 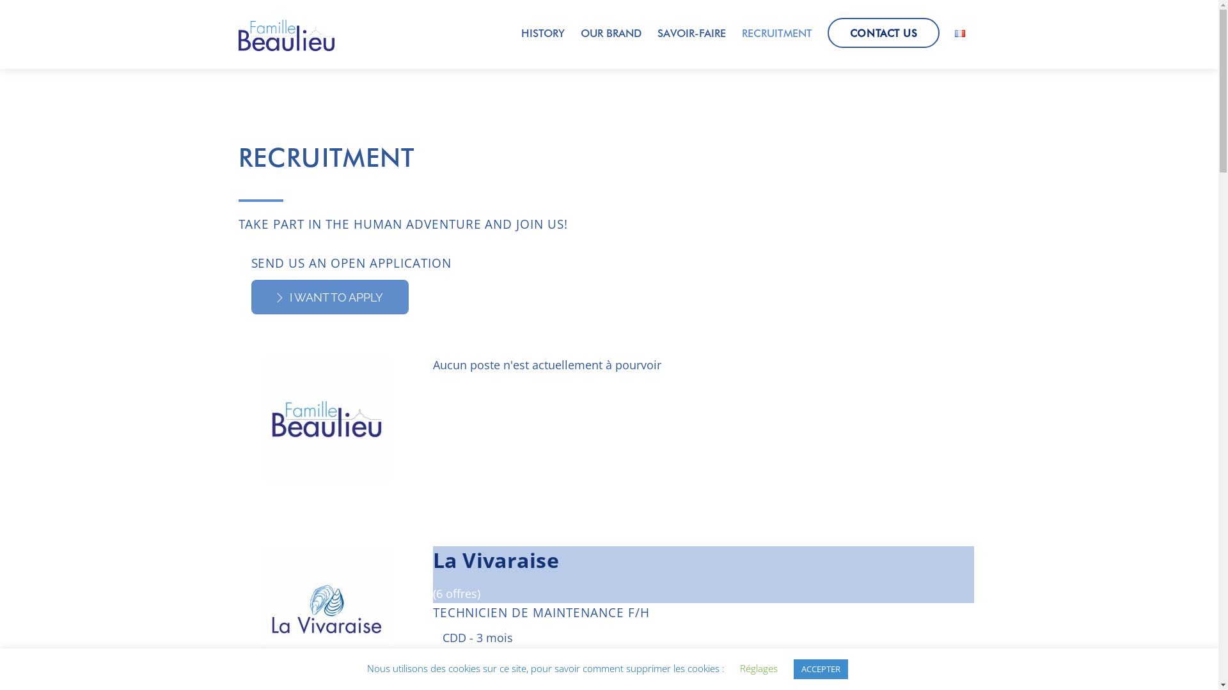 I want to click on 'I WANT TO APPLY', so click(x=329, y=296).